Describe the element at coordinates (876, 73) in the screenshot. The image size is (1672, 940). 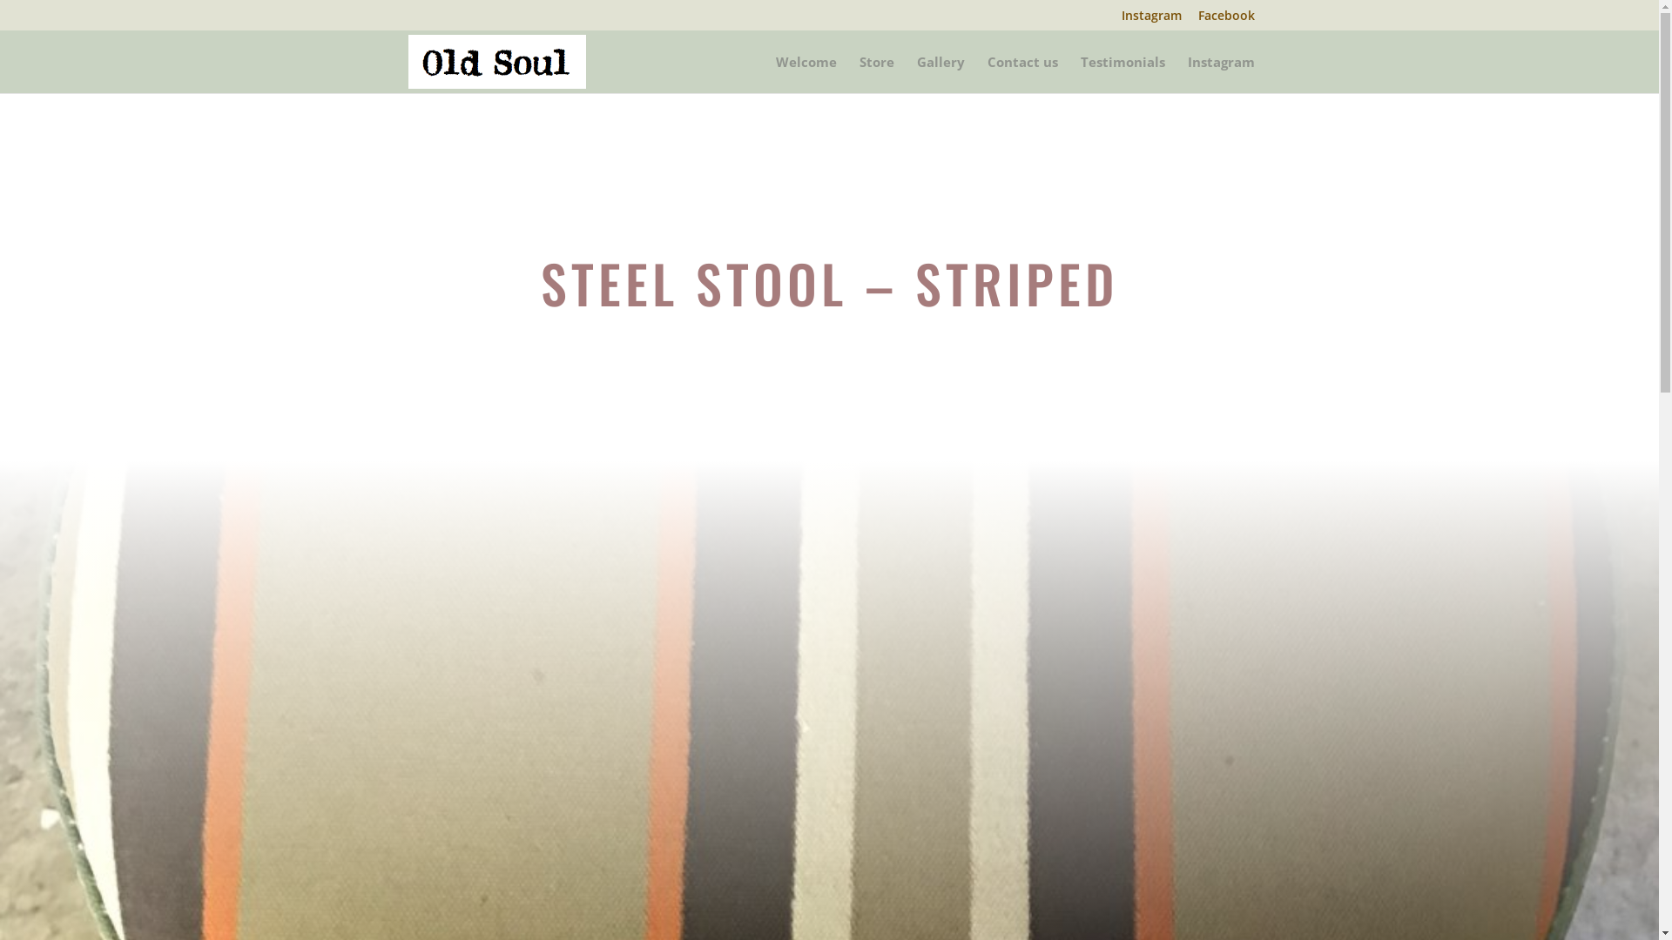
I see `'Store'` at that location.